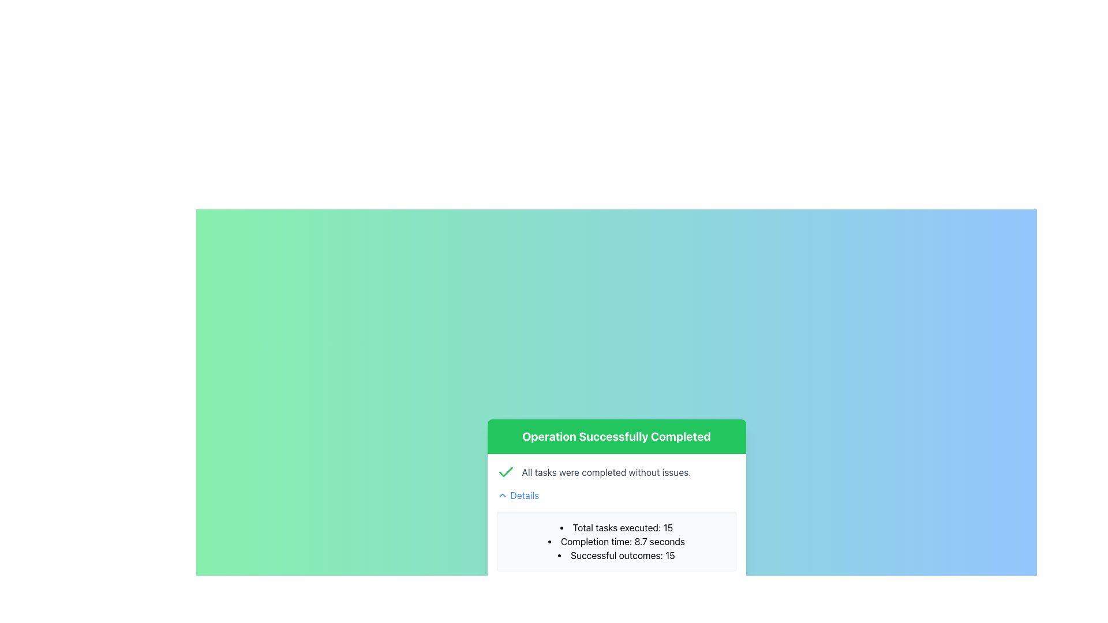  I want to click on the vibrant green checkmark icon located within the notification box that indicates success, positioned to the left of the text stating 'All tasks were completed without issues.', so click(506, 472).